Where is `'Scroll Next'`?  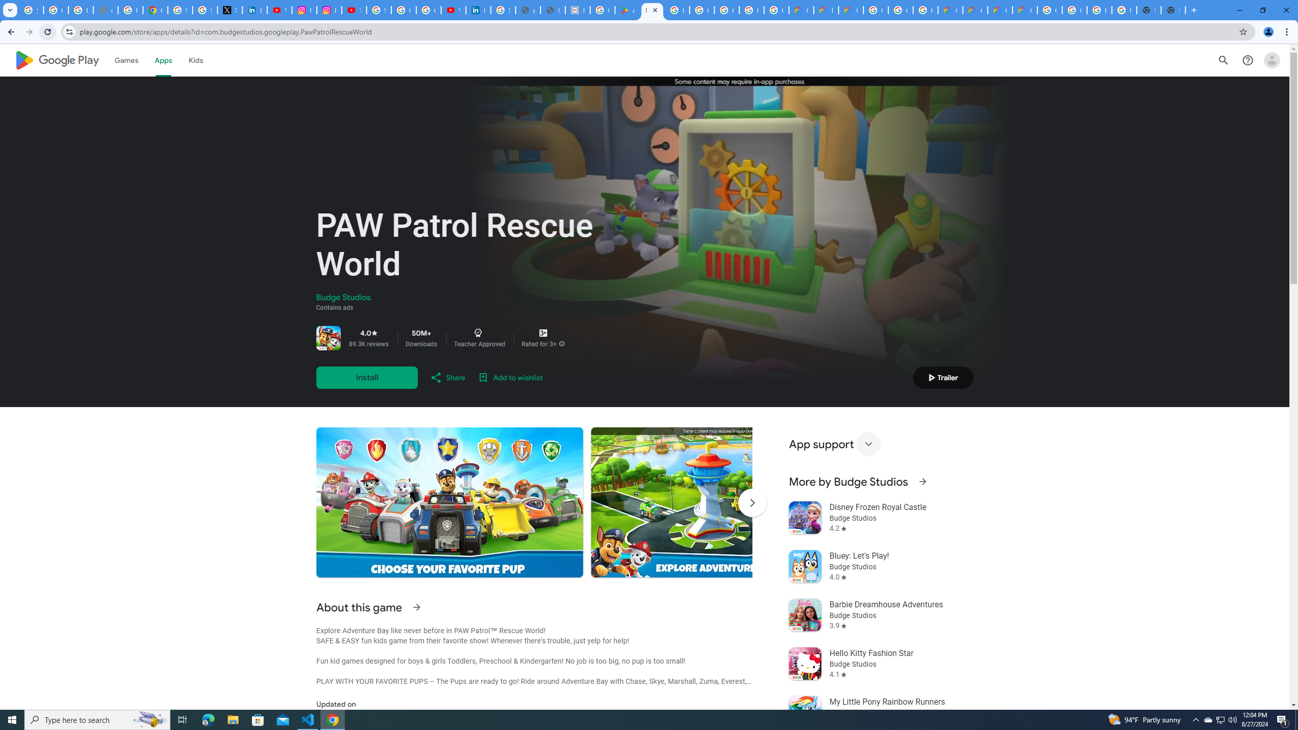
'Scroll Next' is located at coordinates (752, 502).